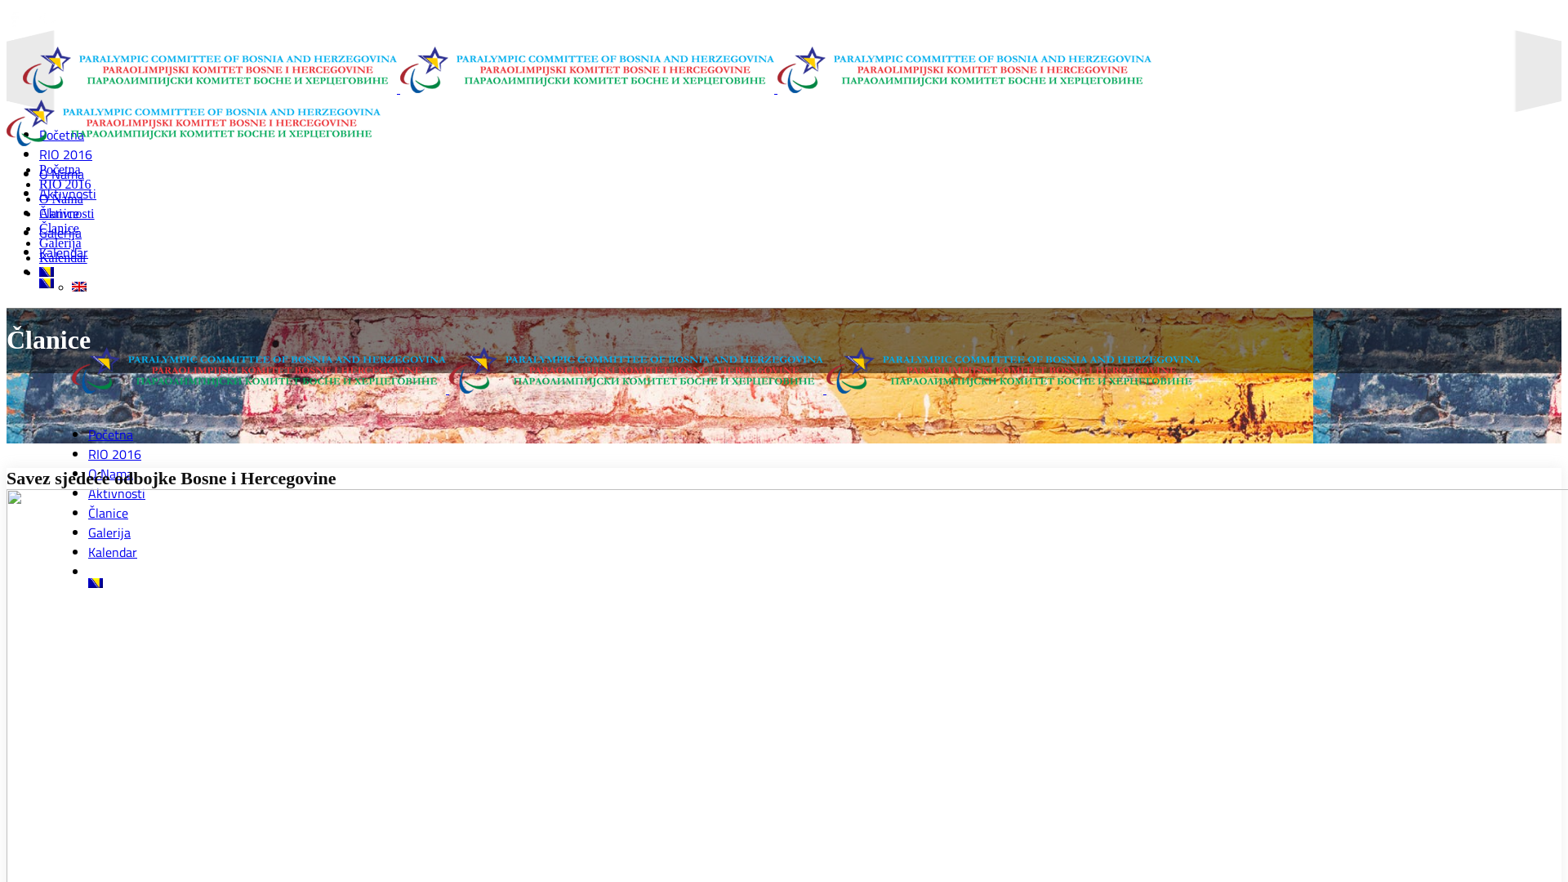 This screenshot has width=1568, height=882. Describe the element at coordinates (61, 173) in the screenshot. I see `'O Nama'` at that location.